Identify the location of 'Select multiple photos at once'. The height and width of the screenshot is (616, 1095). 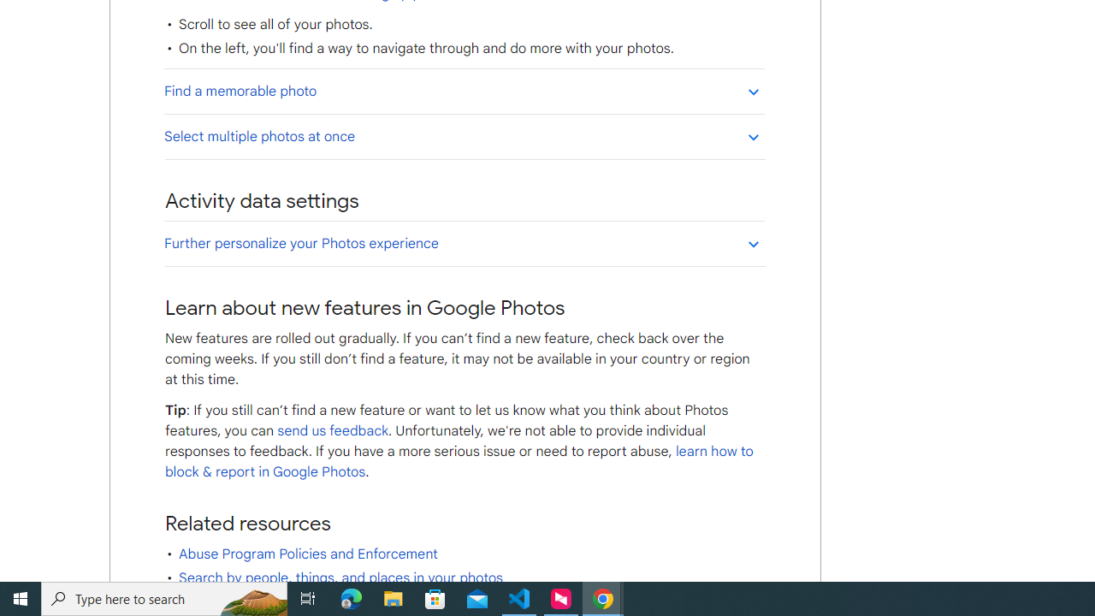
(464, 135).